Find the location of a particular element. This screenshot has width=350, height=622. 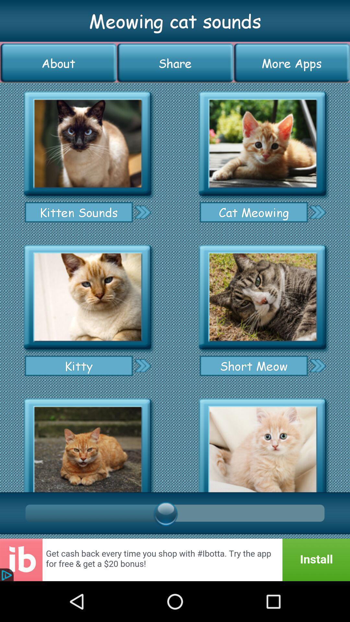

next cat meowing is located at coordinates (317, 212).